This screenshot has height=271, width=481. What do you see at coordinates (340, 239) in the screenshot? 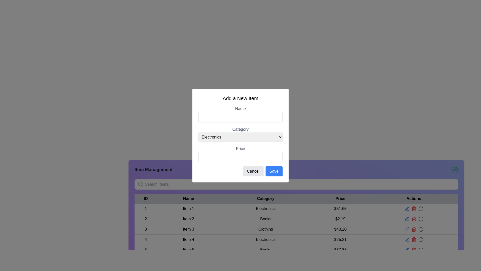
I see `the text element indicating the price of 'Item 4' located` at bounding box center [340, 239].